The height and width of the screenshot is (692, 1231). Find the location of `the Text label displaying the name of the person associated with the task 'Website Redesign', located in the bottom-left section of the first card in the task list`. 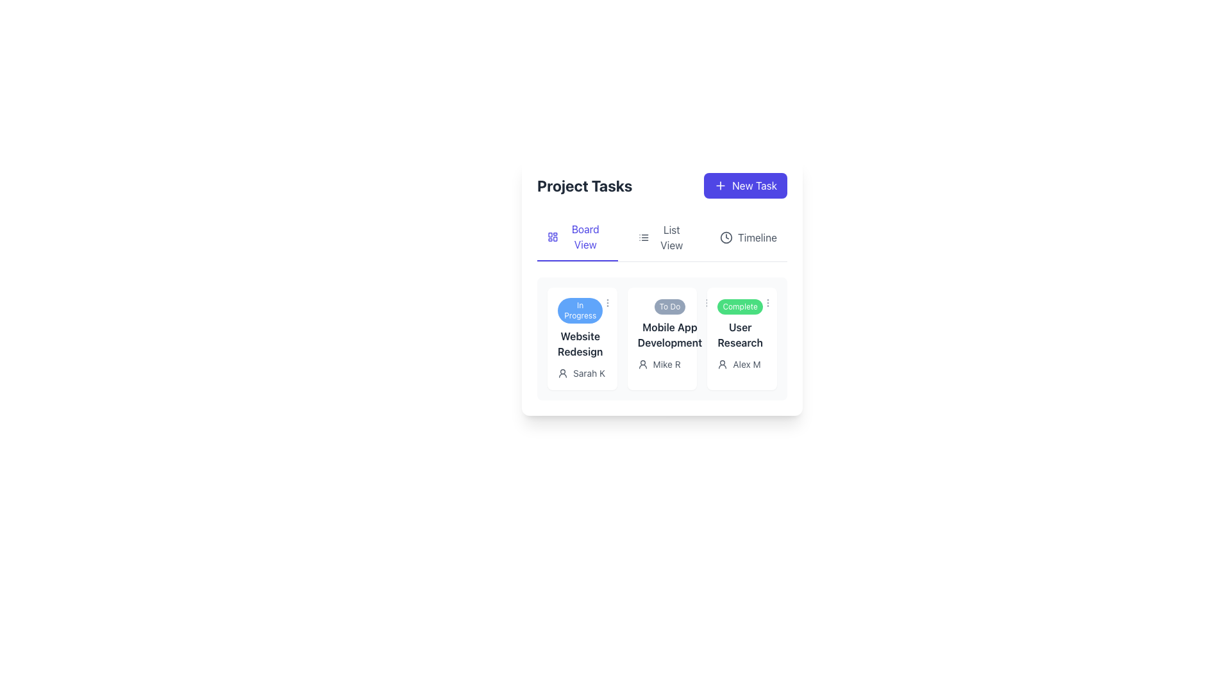

the Text label displaying the name of the person associated with the task 'Website Redesign', located in the bottom-left section of the first card in the task list is located at coordinates (589, 373).